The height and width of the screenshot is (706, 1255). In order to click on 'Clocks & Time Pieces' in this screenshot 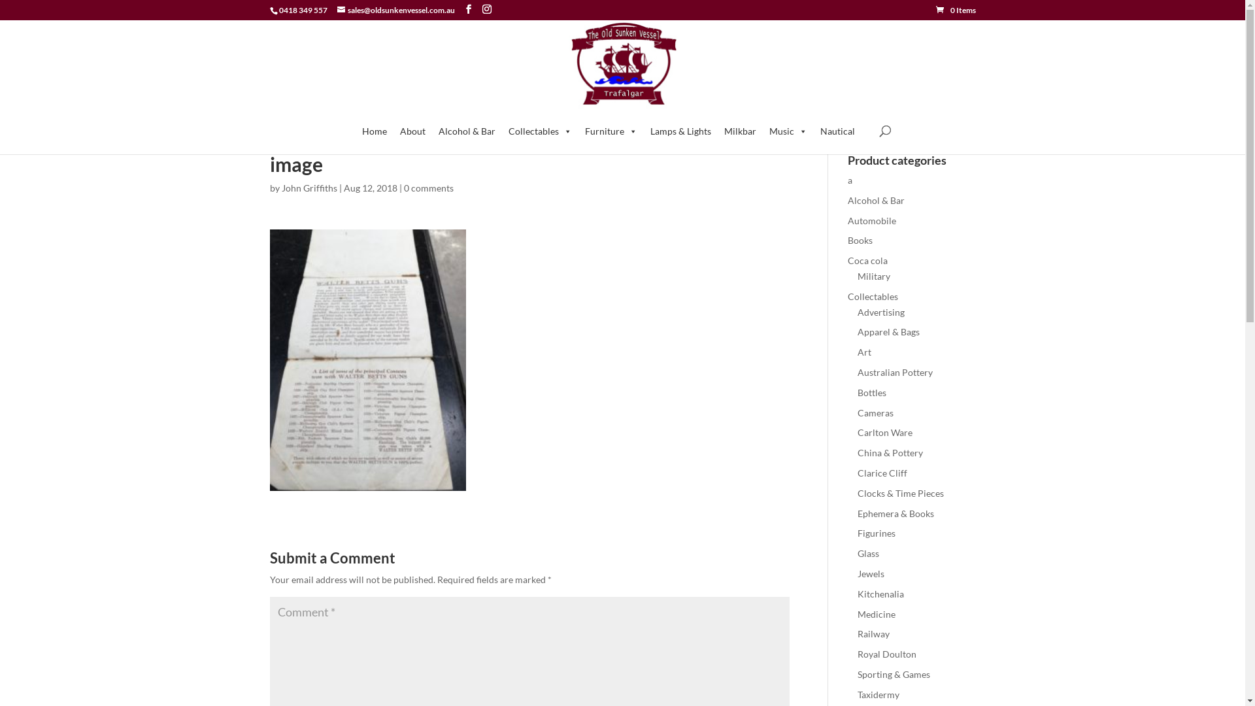, I will do `click(899, 493)`.